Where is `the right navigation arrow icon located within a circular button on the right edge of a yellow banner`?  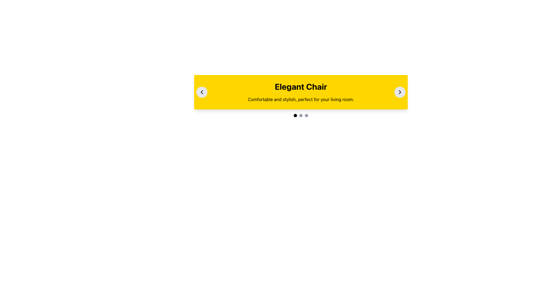
the right navigation arrow icon located within a circular button on the right edge of a yellow banner is located at coordinates (400, 92).